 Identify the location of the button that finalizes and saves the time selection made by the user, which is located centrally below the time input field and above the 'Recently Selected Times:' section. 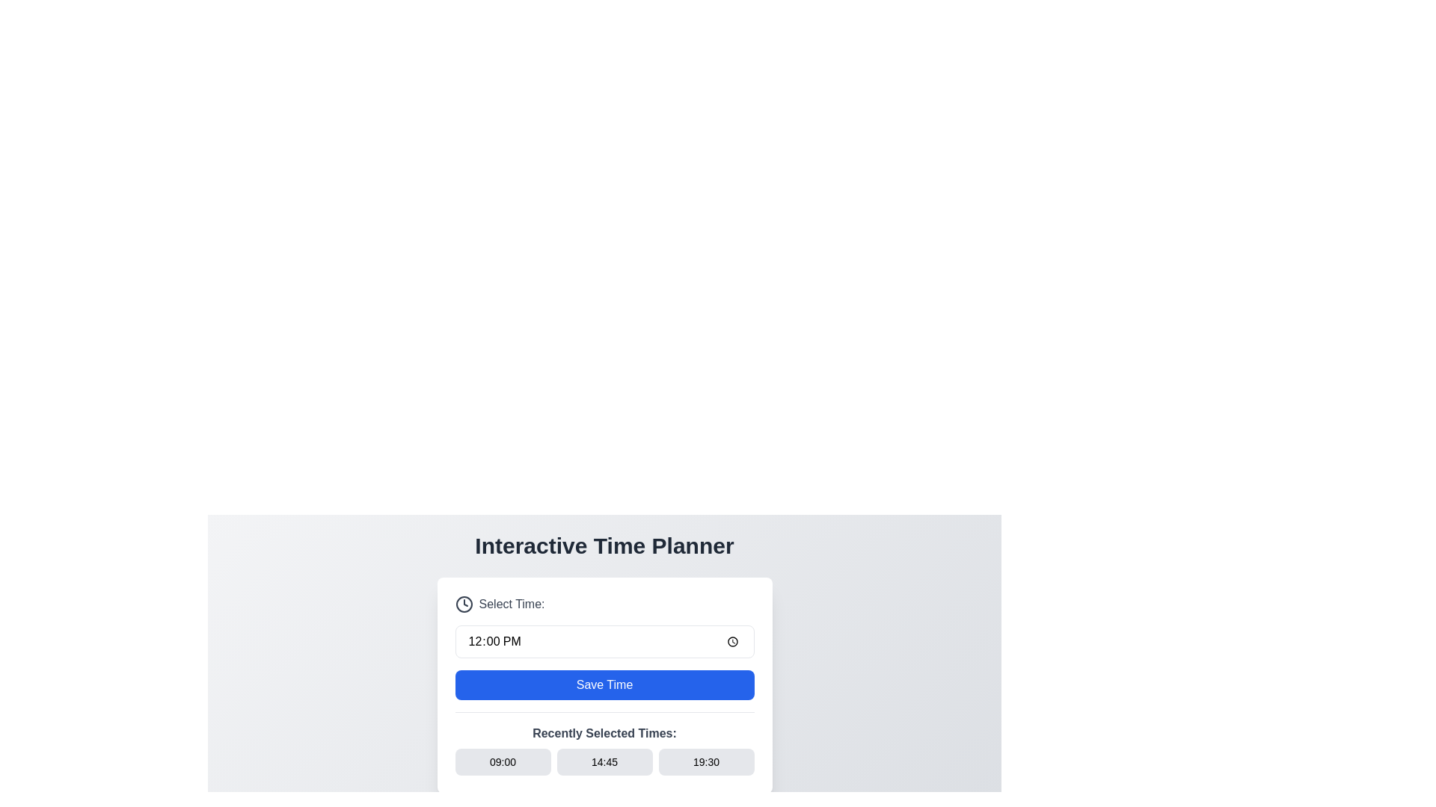
(604, 685).